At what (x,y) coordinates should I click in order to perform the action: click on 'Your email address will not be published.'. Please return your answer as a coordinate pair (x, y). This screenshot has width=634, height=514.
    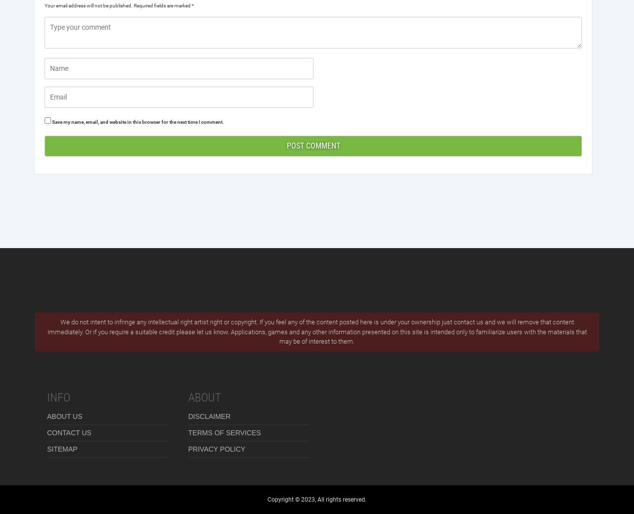
    Looking at the image, I should click on (88, 5).